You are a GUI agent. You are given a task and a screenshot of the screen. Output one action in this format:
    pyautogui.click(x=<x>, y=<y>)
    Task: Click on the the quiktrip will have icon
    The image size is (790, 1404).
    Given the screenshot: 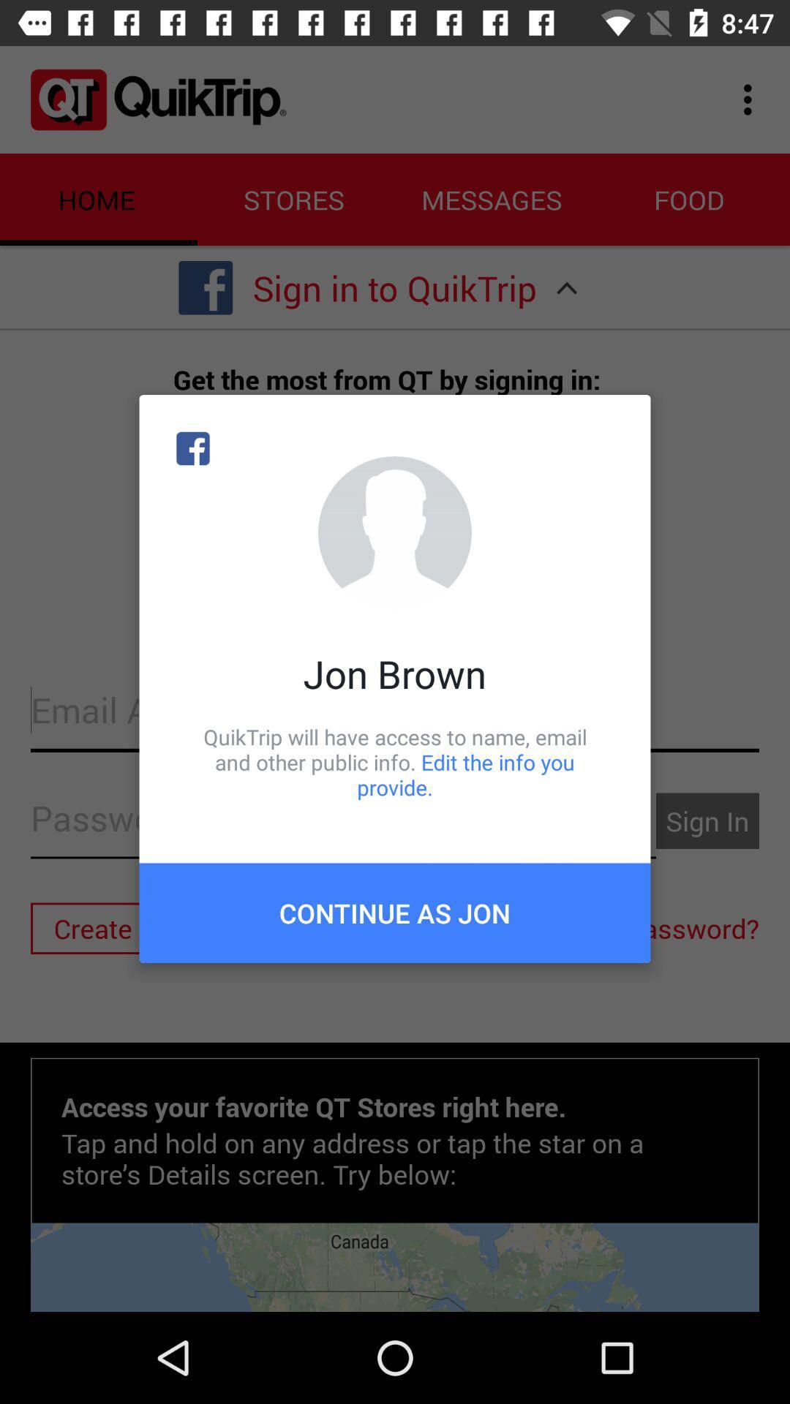 What is the action you would take?
    pyautogui.click(x=395, y=761)
    